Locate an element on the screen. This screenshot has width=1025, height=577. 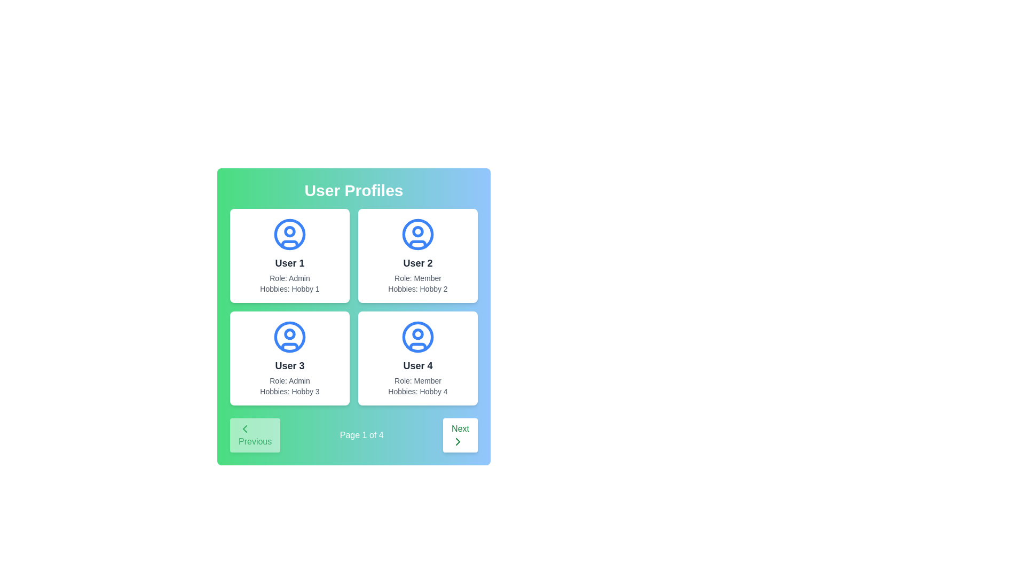
the decorative element of the user profile icon located in the top-left card of the grid, specifically within the circular blue area is located at coordinates (289, 333).